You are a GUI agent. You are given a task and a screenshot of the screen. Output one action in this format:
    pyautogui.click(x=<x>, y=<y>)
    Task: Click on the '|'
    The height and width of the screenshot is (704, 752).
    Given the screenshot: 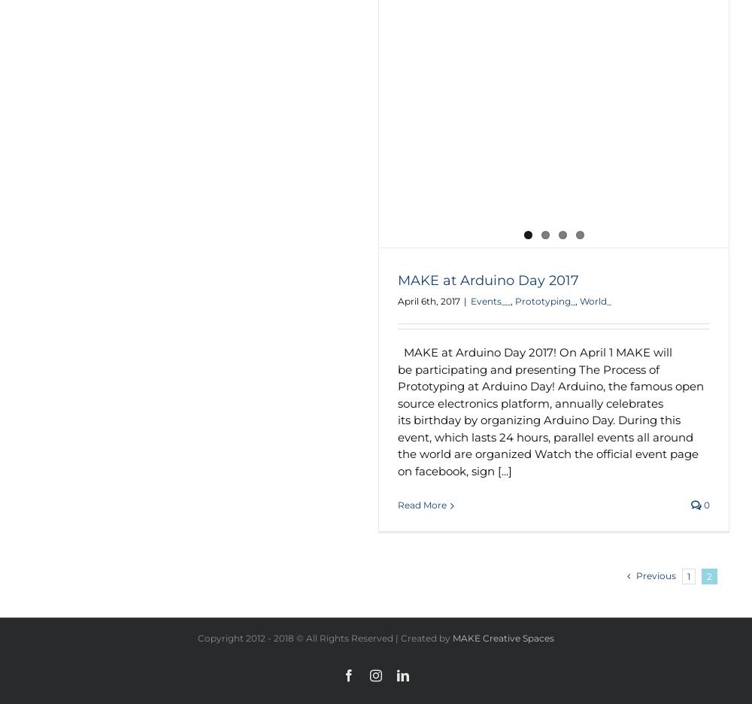 What is the action you would take?
    pyautogui.click(x=463, y=300)
    